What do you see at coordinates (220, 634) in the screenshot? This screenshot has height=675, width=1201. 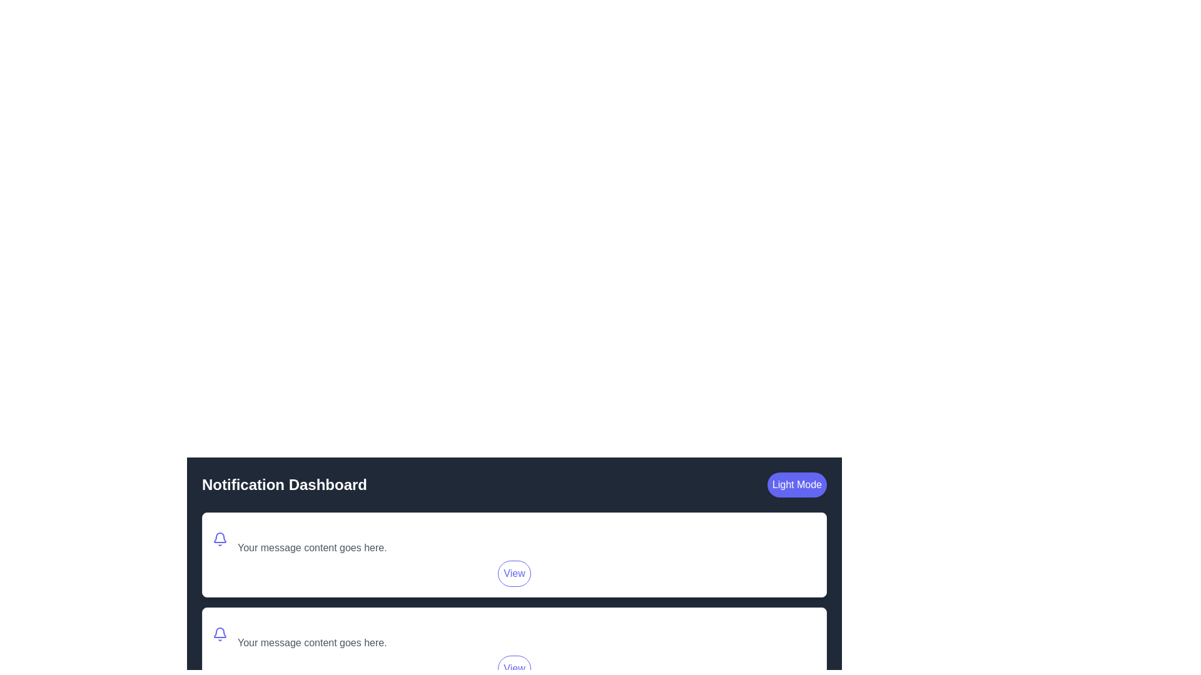 I see `the notification bell icon, which is styled with a thin outline and blue color, located at the top-left corner of the notification card displaying the message 'Your message content goes here.'` at bounding box center [220, 634].